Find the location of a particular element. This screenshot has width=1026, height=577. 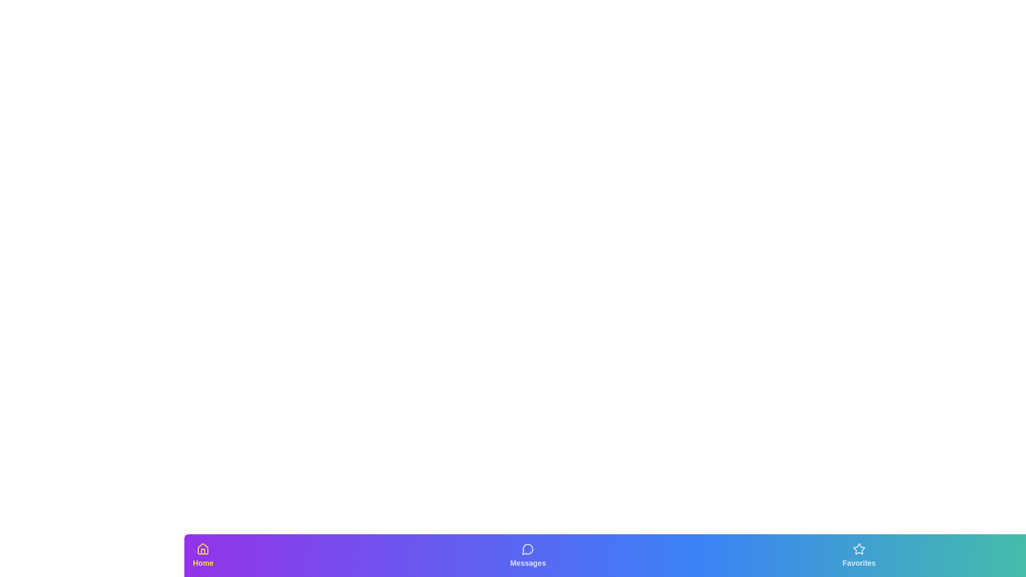

the tab labeled Favorites to view its description is located at coordinates (859, 555).